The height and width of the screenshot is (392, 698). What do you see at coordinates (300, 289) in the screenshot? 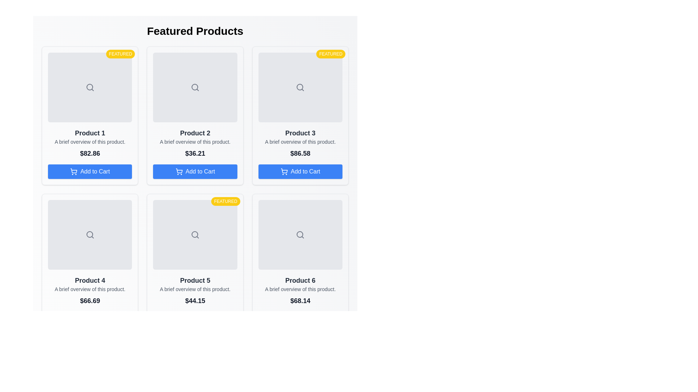
I see `descriptive text displayed for 'Product 6', located beneath the product title in the product card's bottom-right section` at bounding box center [300, 289].